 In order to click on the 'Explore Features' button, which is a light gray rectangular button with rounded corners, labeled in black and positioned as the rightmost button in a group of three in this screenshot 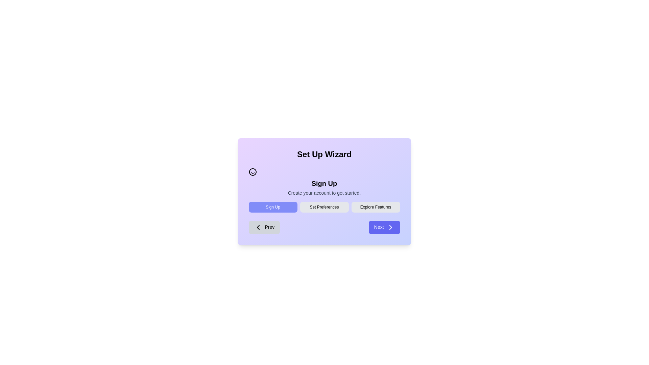, I will do `click(375, 207)`.